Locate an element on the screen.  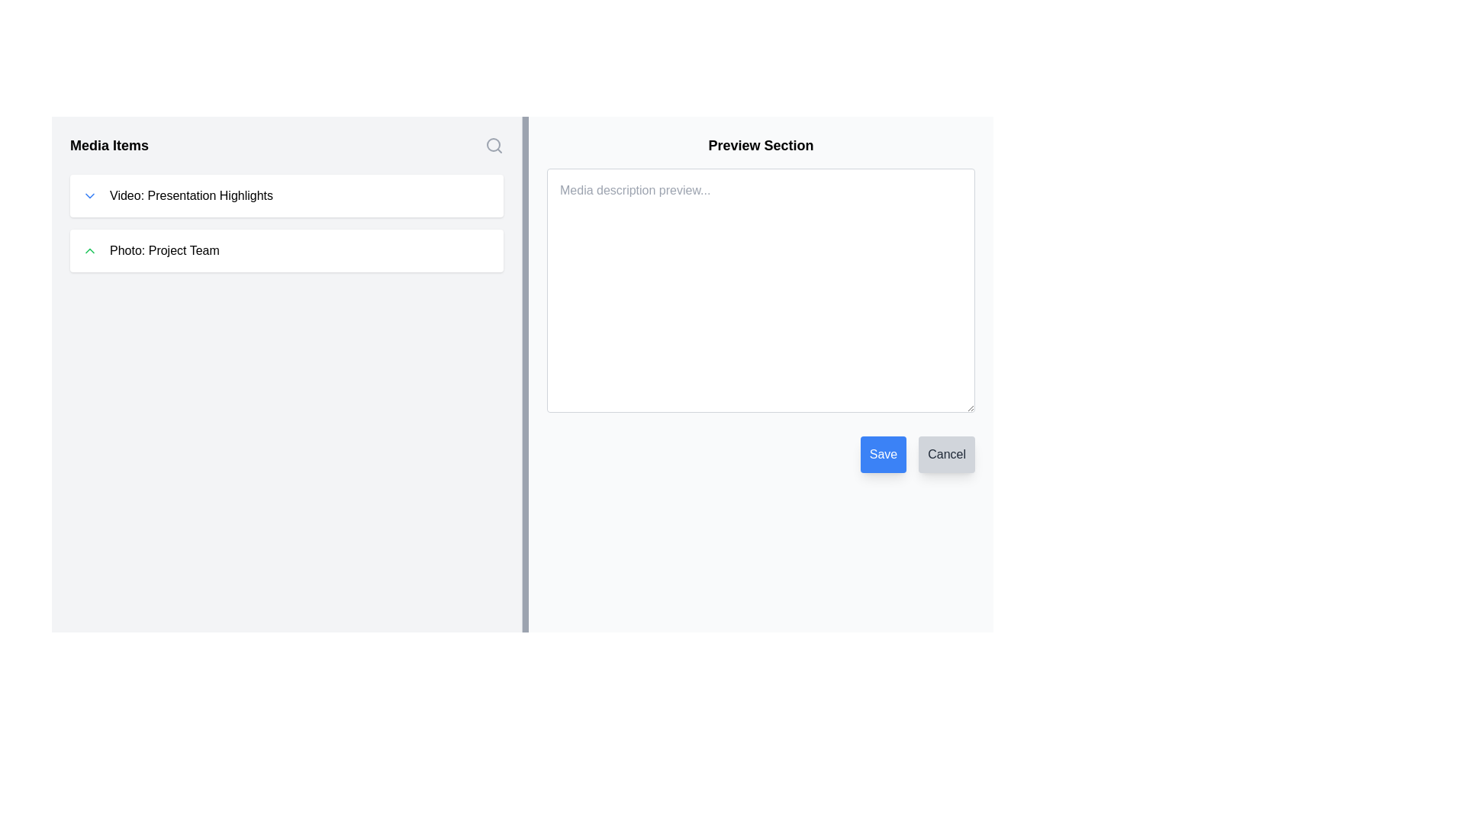
the cancel button located at the bottom right corner of the view, which is the second button to the right of the 'Save' button is located at coordinates (946, 454).